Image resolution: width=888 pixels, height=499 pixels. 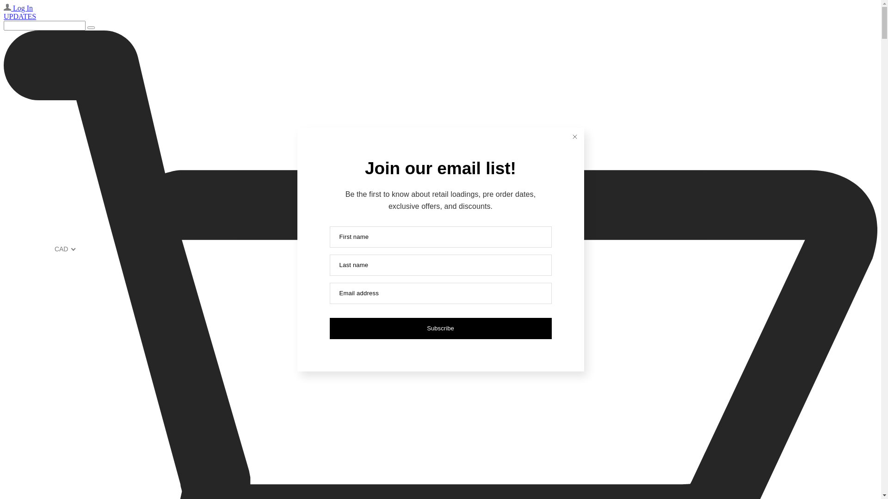 I want to click on 'UPDATES', so click(x=4, y=16).